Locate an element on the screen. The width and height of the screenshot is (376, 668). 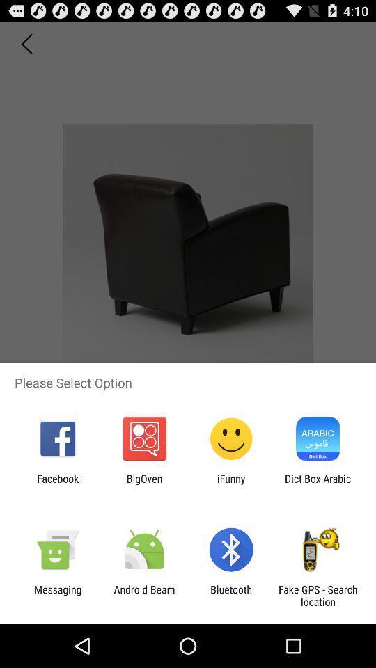
the ifunny is located at coordinates (231, 484).